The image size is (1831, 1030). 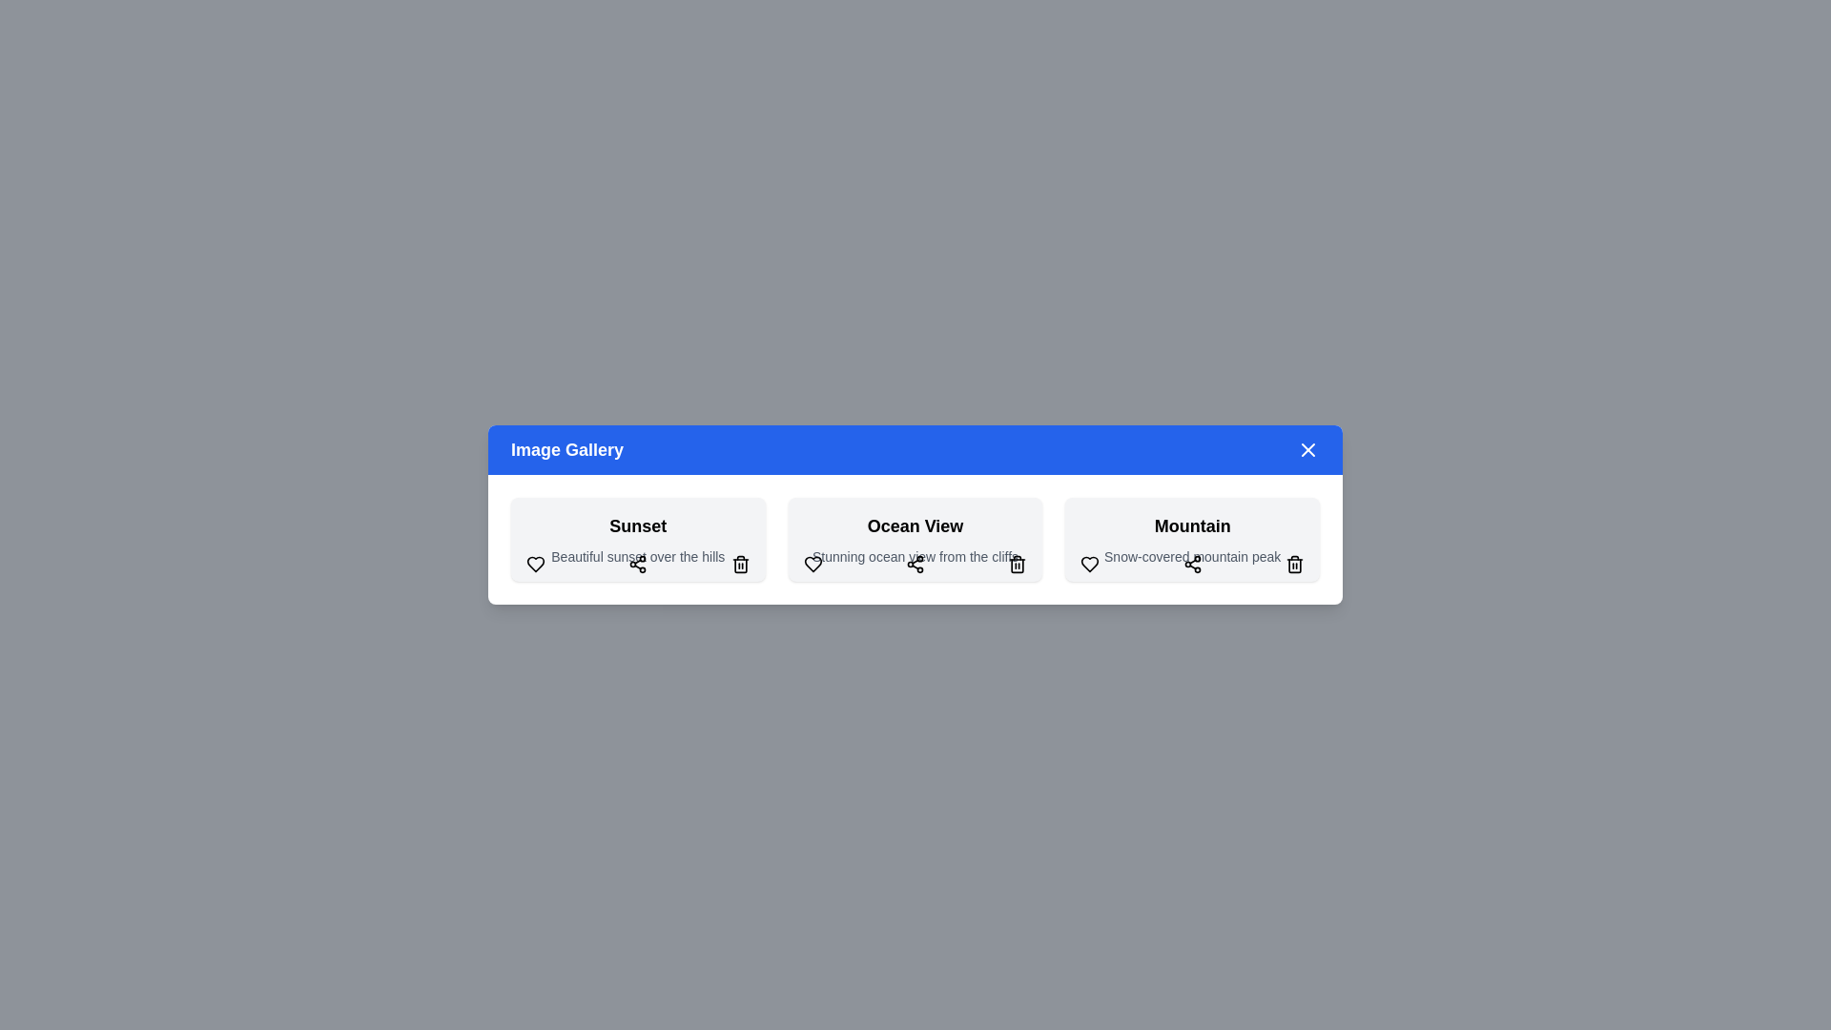 What do you see at coordinates (914, 563) in the screenshot?
I see `the share button for the Ocean View image` at bounding box center [914, 563].